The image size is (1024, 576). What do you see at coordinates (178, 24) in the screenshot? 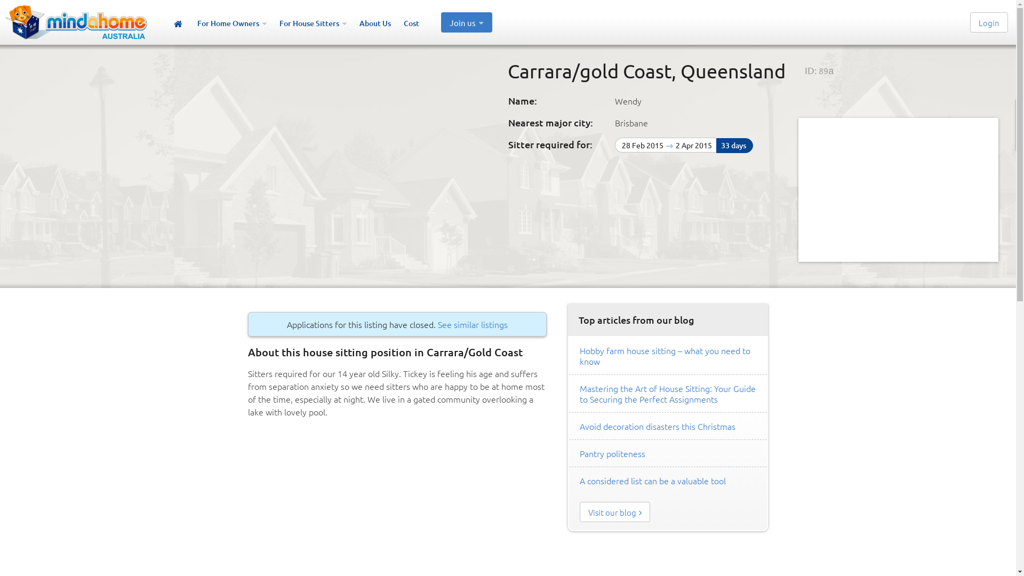
I see `'Home'` at bounding box center [178, 24].